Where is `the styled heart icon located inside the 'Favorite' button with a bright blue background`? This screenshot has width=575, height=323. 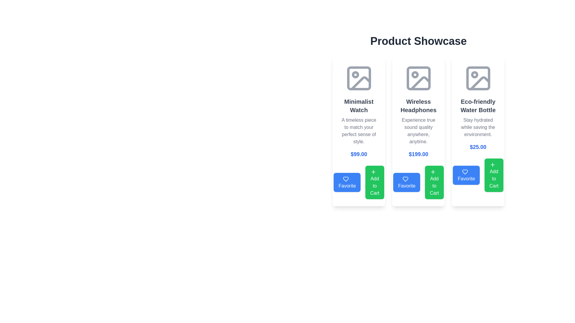
the styled heart icon located inside the 'Favorite' button with a bright blue background is located at coordinates (346, 179).